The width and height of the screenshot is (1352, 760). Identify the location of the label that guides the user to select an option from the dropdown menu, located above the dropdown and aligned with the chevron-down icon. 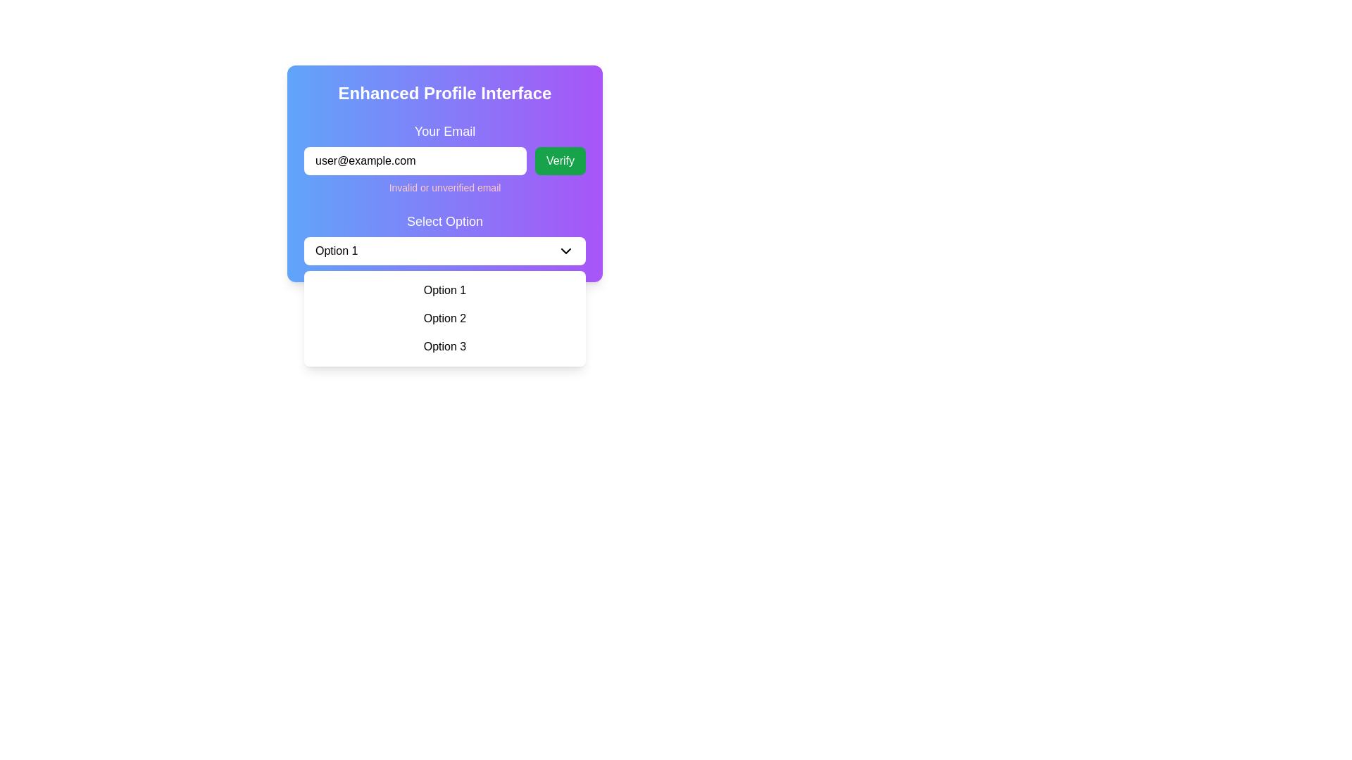
(444, 222).